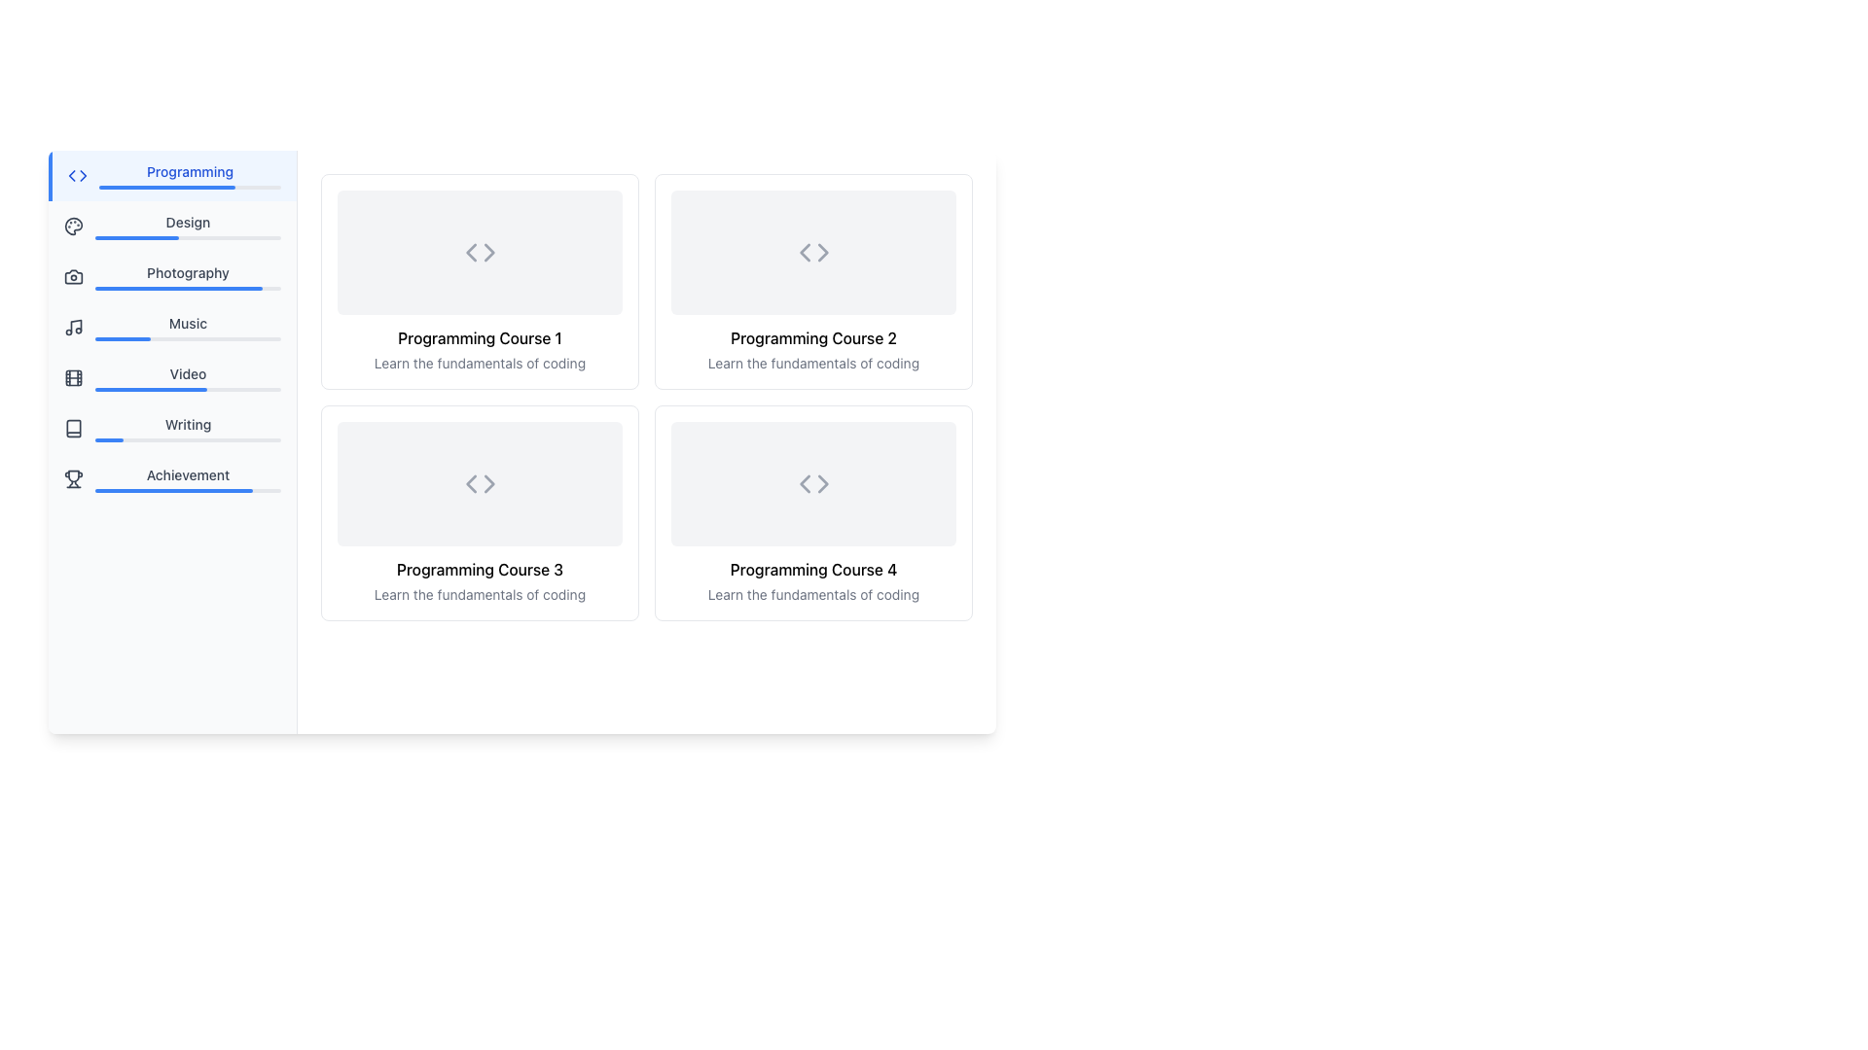  Describe the element at coordinates (74, 427) in the screenshot. I see `the 'Writing' icon on the left side of the interface` at that location.